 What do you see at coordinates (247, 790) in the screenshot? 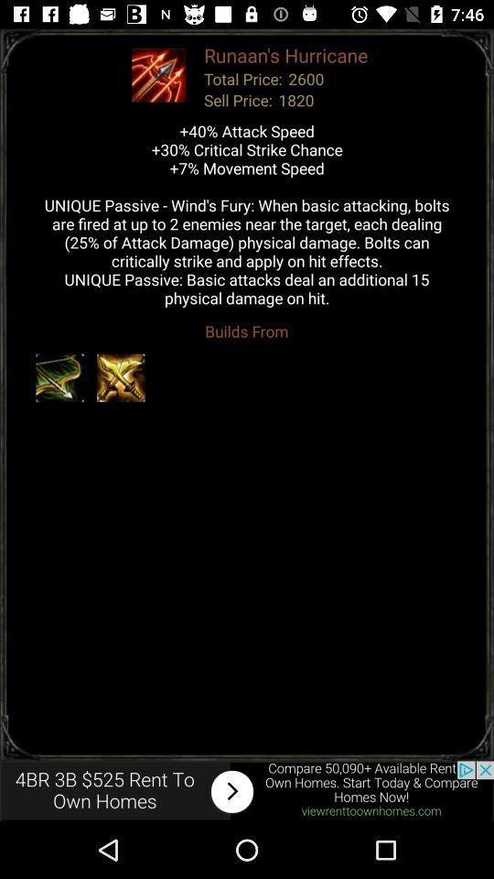
I see `click advertisement` at bounding box center [247, 790].